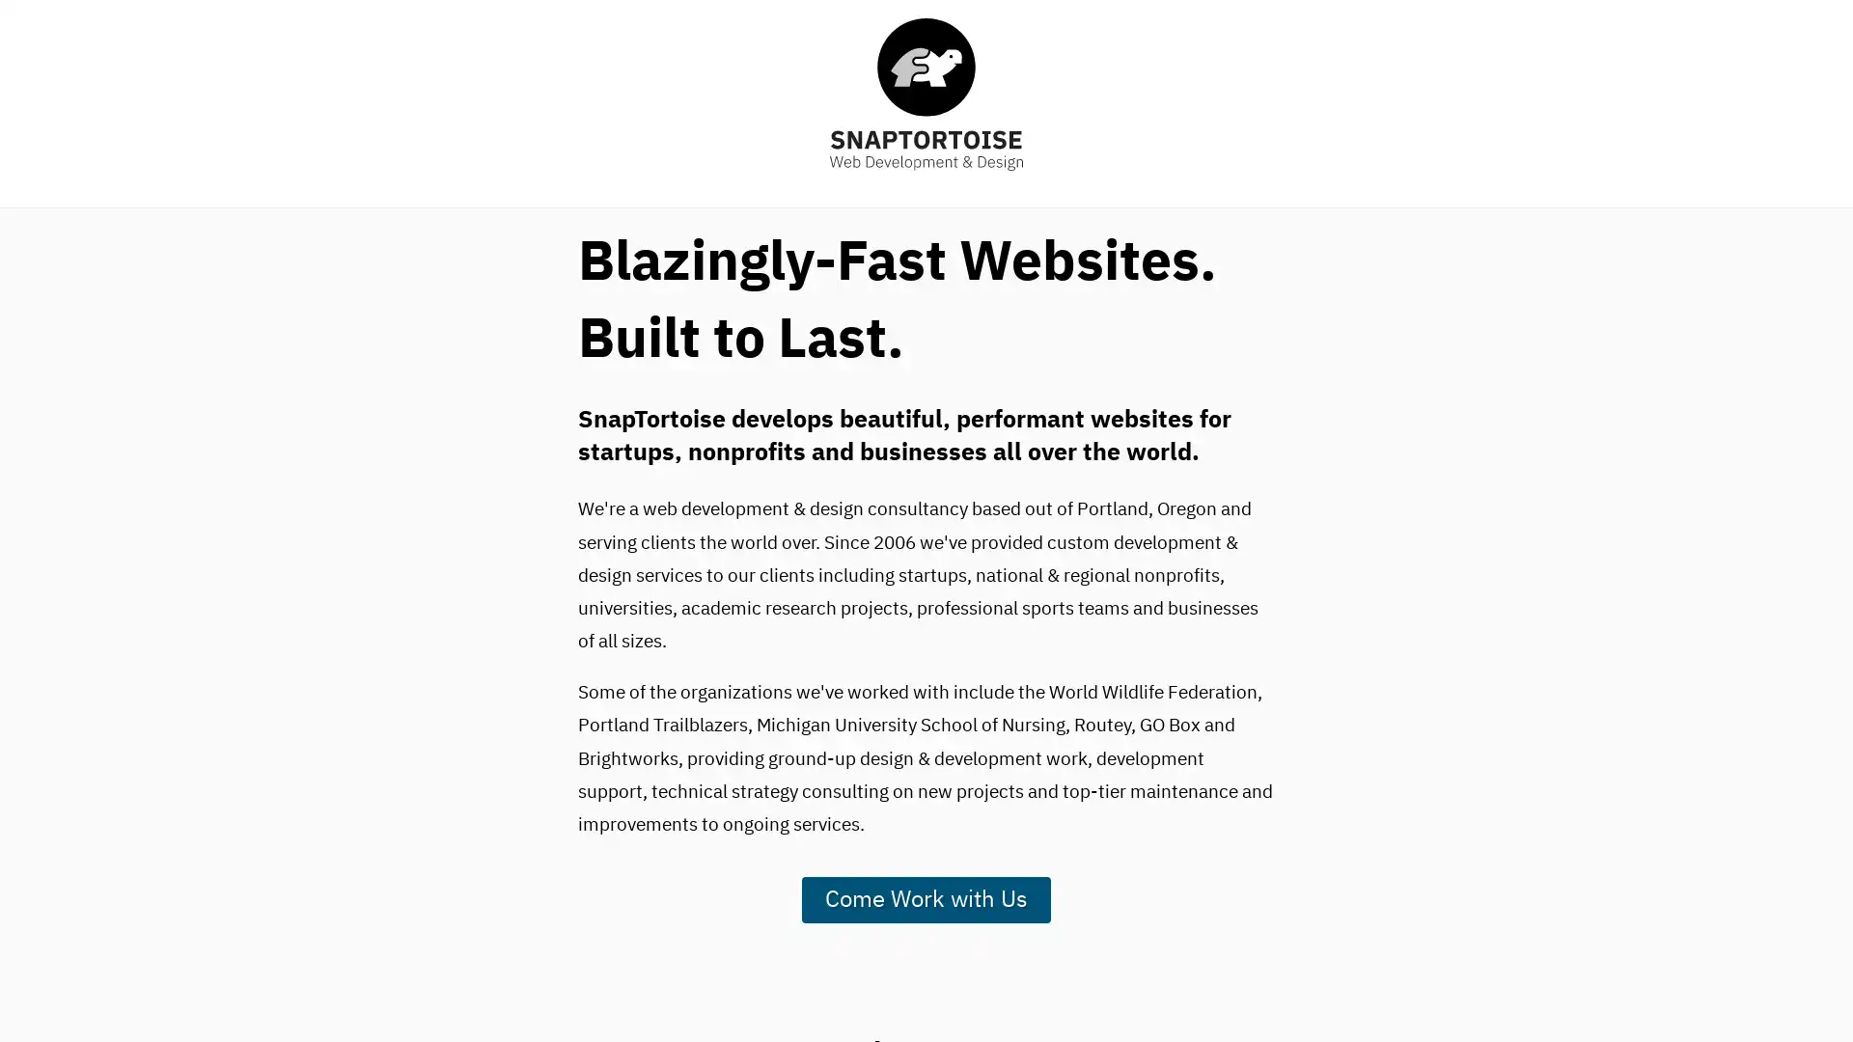  I want to click on Come Work with Us, so click(925, 899).